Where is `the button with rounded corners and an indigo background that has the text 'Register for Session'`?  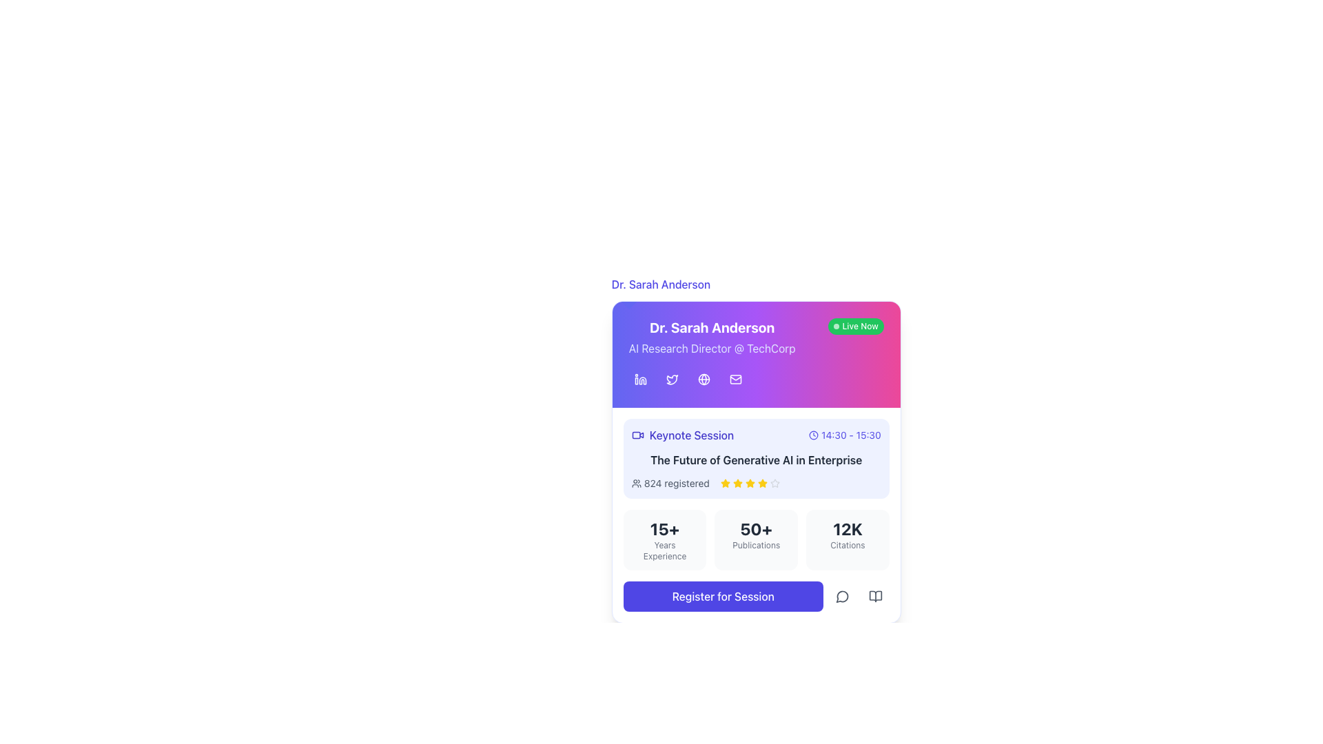
the button with rounded corners and an indigo background that has the text 'Register for Session' is located at coordinates (722, 596).